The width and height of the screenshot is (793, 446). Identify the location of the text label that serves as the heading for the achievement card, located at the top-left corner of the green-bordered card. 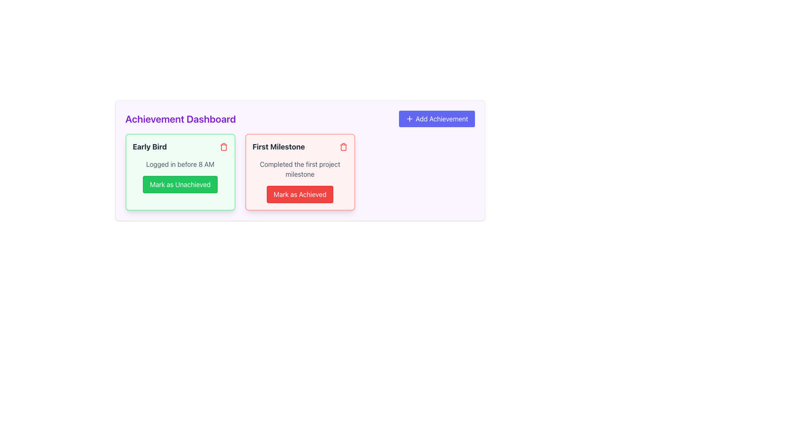
(150, 146).